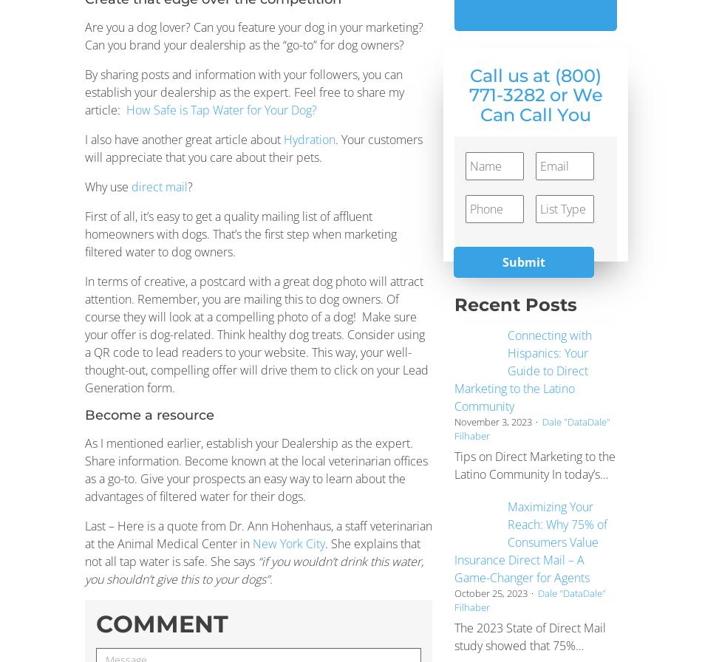  What do you see at coordinates (530, 542) in the screenshot?
I see `'Maximizing Your Reach: Why 75% of Consumers Value Insurance Direct Mail – A Game-Changer for Agents'` at bounding box center [530, 542].